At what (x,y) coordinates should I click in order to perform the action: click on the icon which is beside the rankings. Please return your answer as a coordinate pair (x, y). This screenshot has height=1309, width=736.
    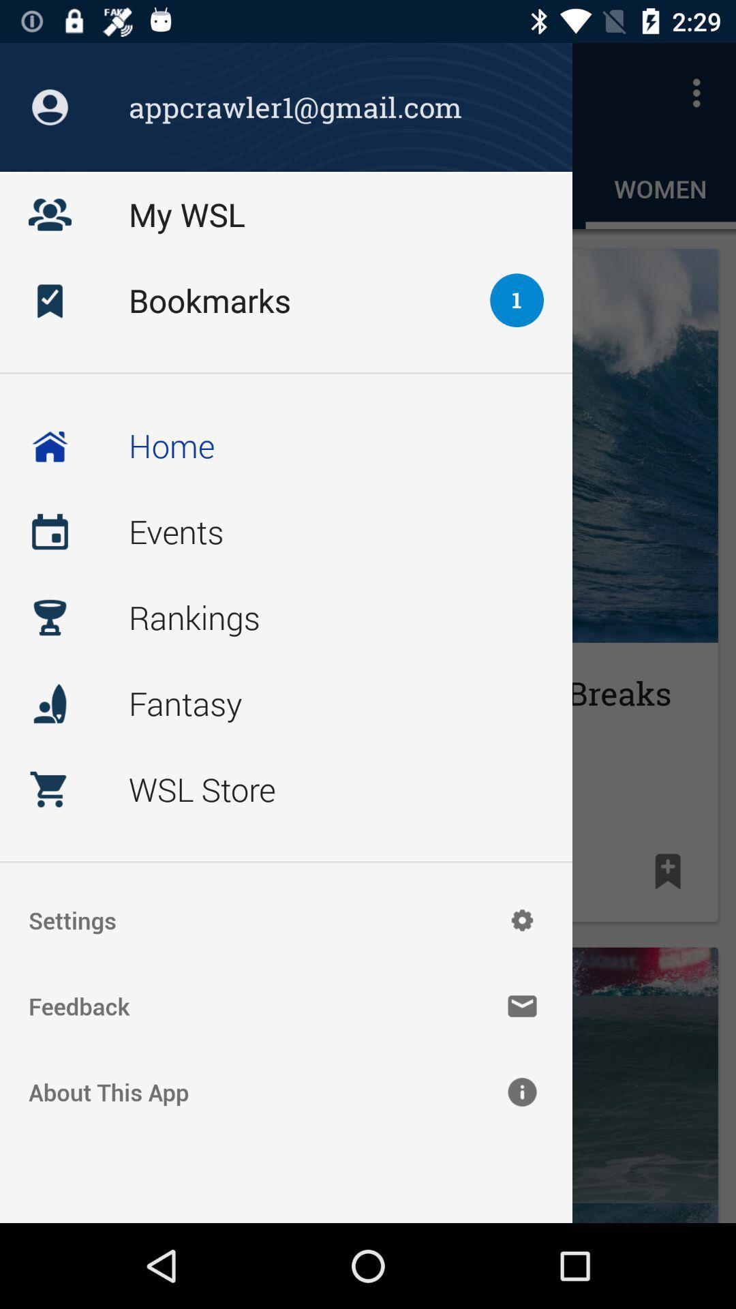
    Looking at the image, I should click on (49, 617).